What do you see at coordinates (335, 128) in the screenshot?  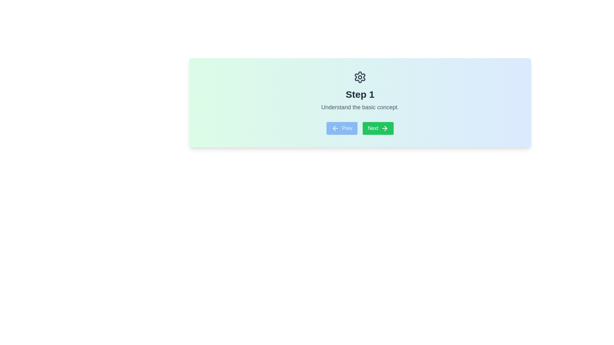 I see `the decorative arrow icon within the 'Prev' button, which is positioned to the left of the 'Next' button in the navigation area of the interface` at bounding box center [335, 128].